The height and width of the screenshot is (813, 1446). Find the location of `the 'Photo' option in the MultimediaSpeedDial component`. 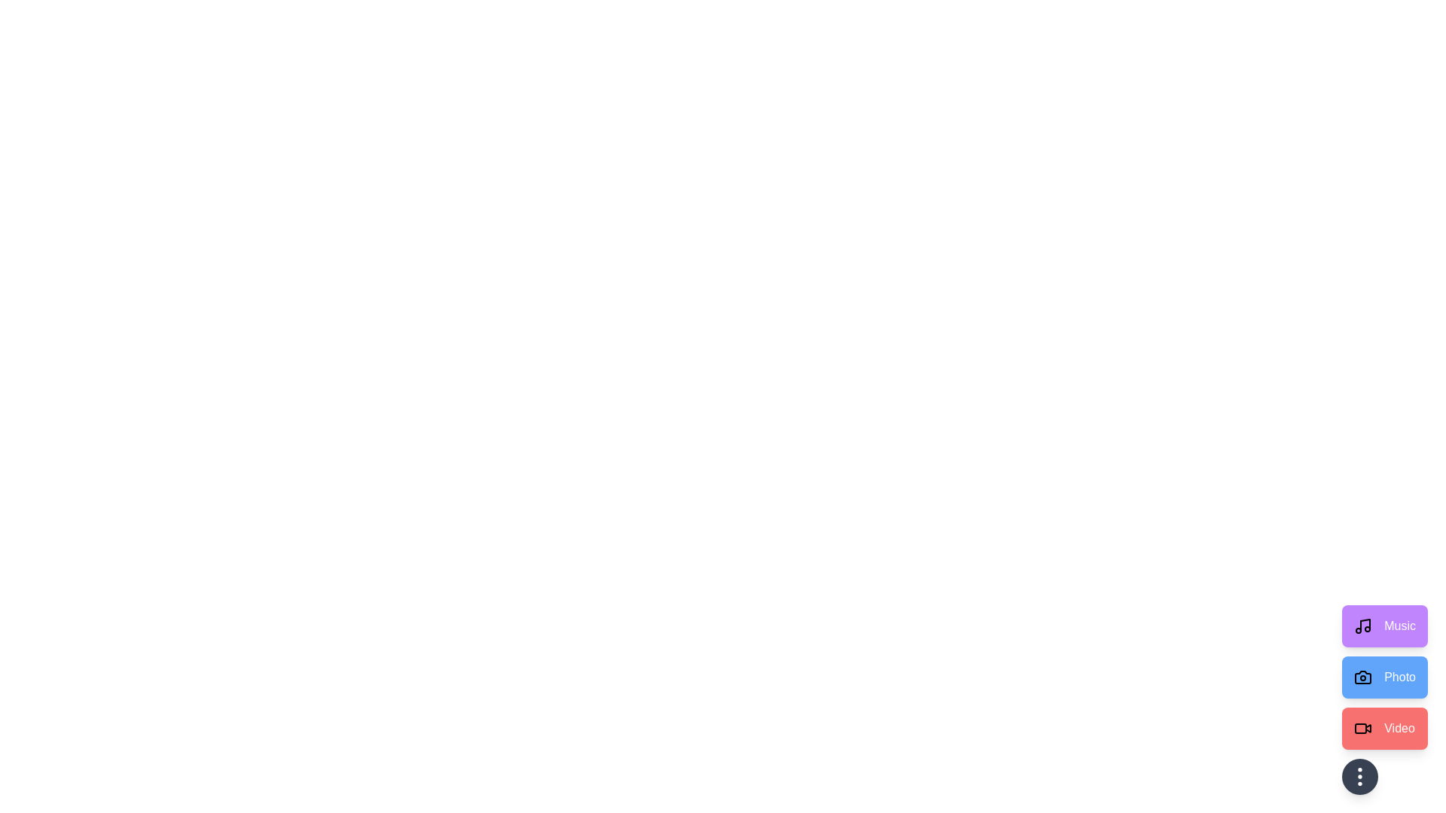

the 'Photo' option in the MultimediaSpeedDial component is located at coordinates (1384, 676).